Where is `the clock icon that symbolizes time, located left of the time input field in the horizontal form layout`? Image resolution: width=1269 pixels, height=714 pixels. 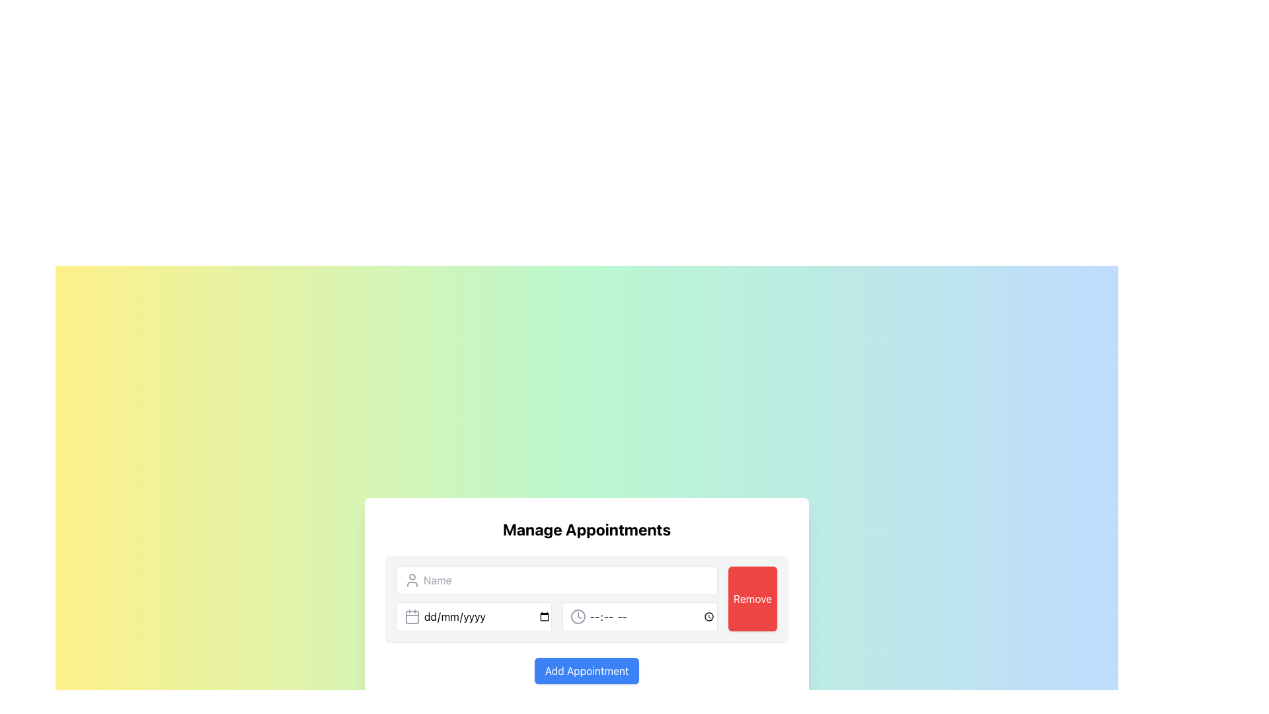
the clock icon that symbolizes time, located left of the time input field in the horizontal form layout is located at coordinates (578, 617).